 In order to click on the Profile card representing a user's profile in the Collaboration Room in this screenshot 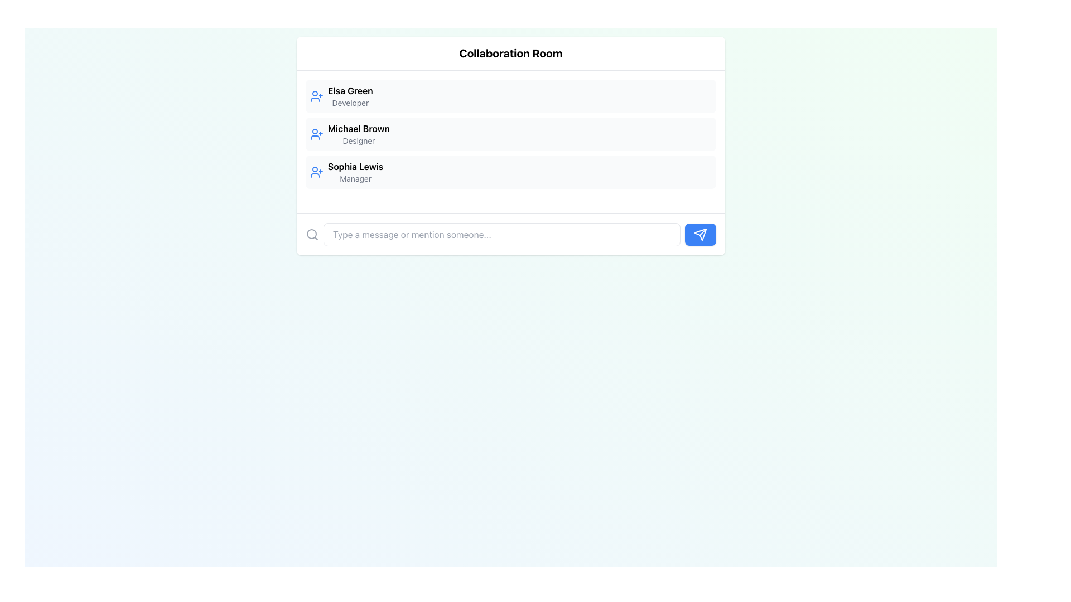, I will do `click(510, 96)`.